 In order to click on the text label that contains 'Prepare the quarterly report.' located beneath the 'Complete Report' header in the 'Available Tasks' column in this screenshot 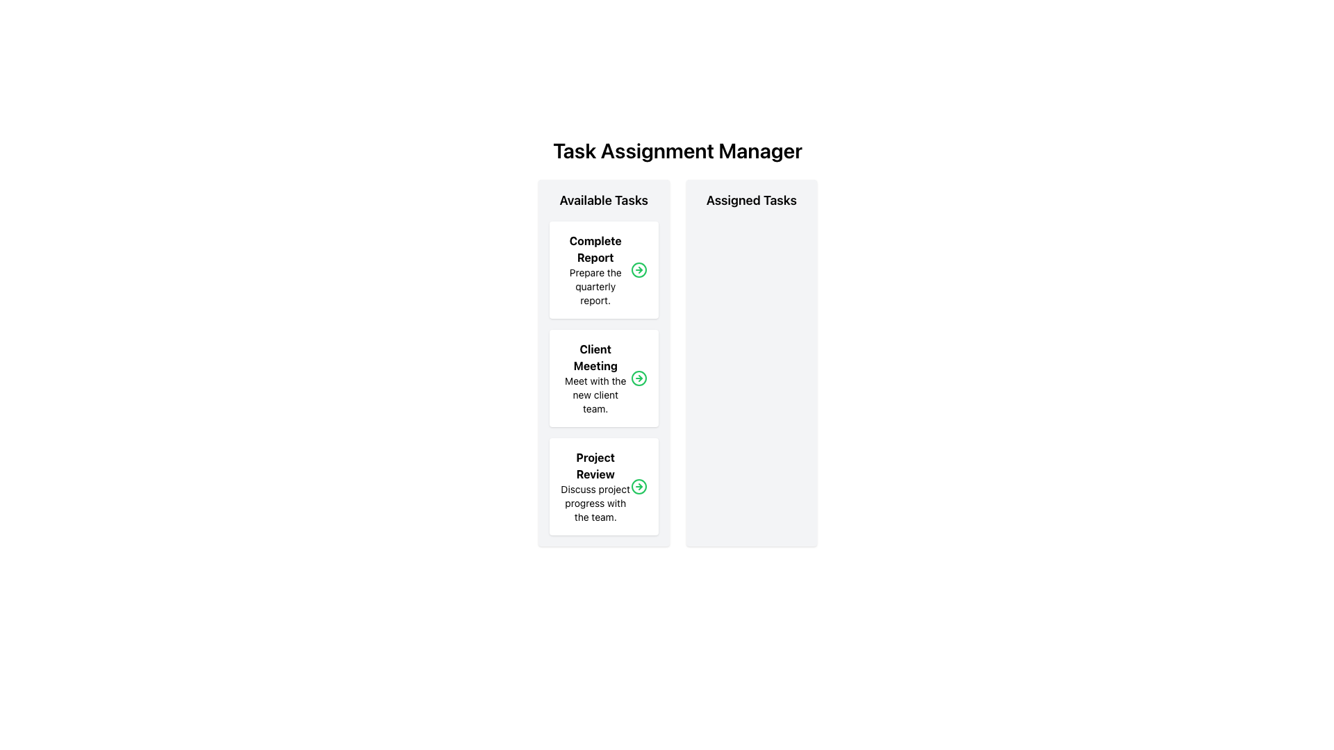, I will do `click(595, 285)`.